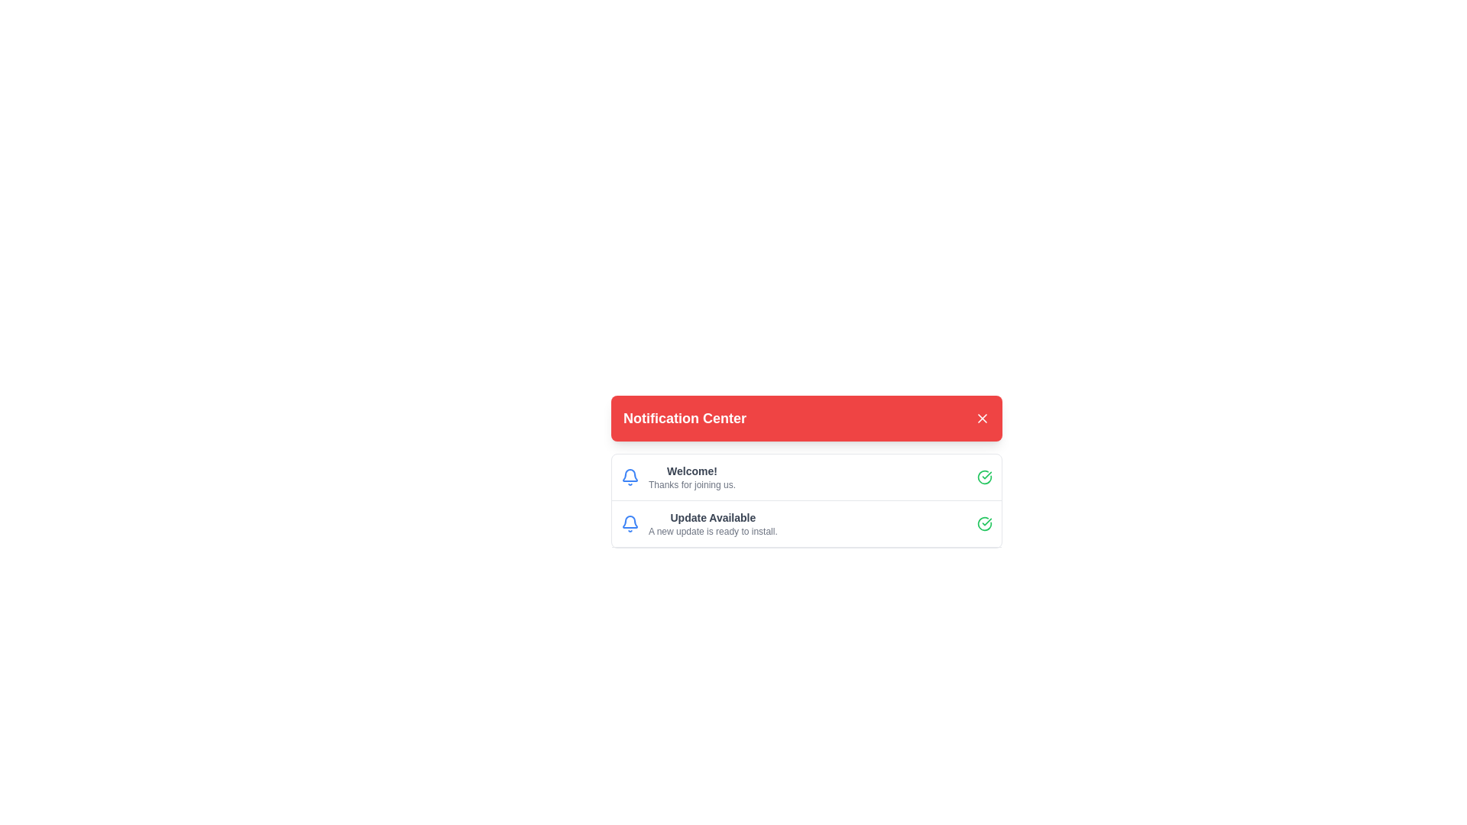 The image size is (1467, 825). What do you see at coordinates (985, 476) in the screenshot?
I see `the success icon located in the top notification of the notification center, positioned to the right of the text 'Welcome! Thanks for joining us.'` at bounding box center [985, 476].